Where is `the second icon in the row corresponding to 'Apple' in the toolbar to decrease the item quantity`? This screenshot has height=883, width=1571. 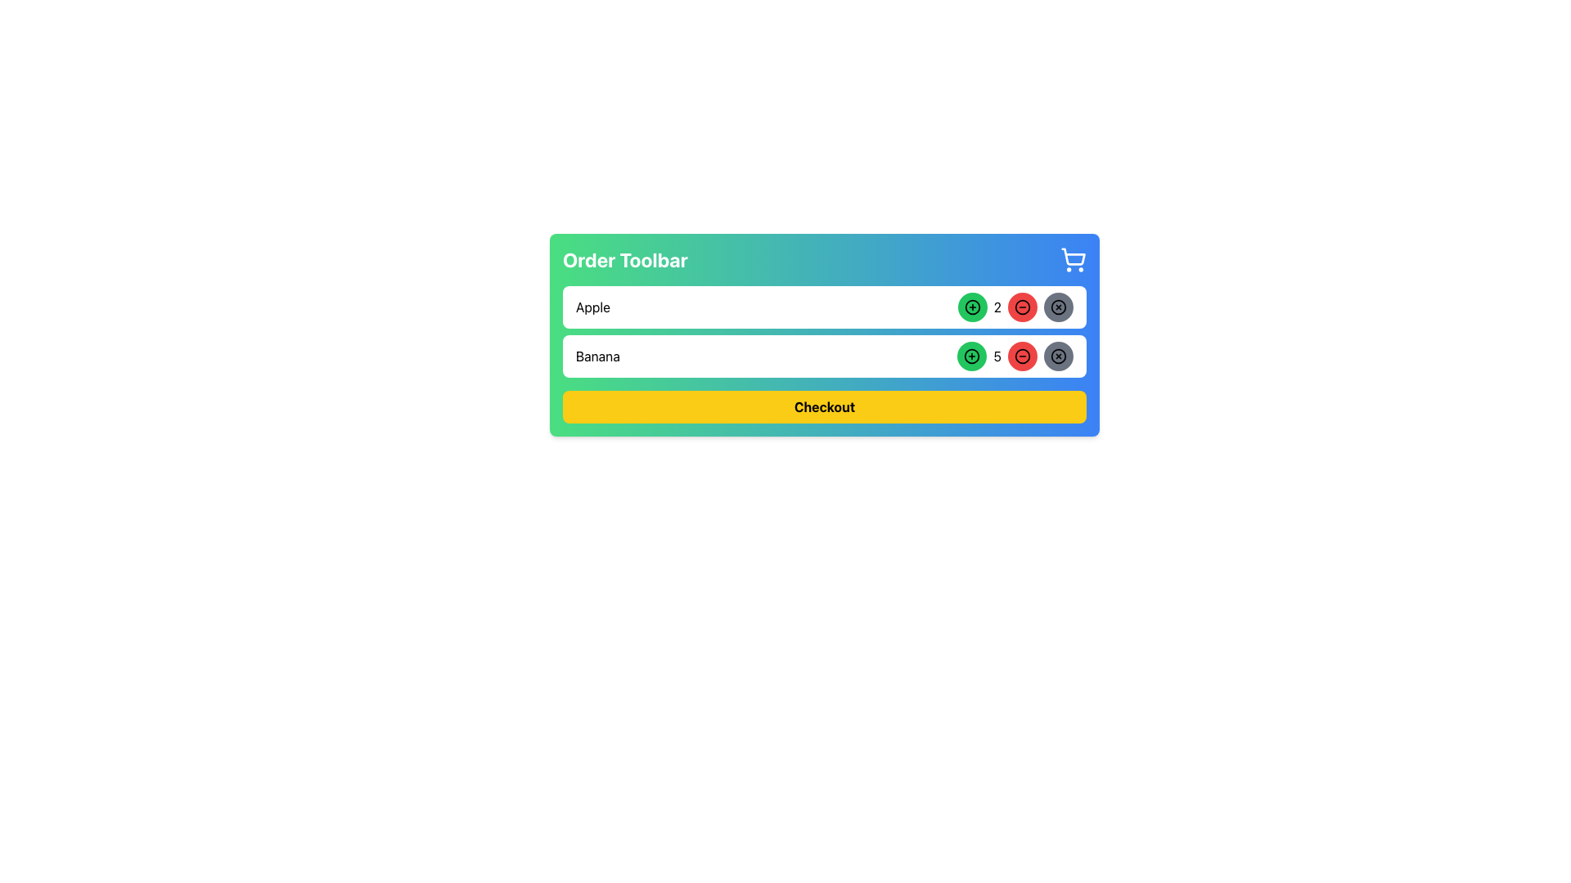 the second icon in the row corresponding to 'Apple' in the toolbar to decrease the item quantity is located at coordinates (1021, 307).